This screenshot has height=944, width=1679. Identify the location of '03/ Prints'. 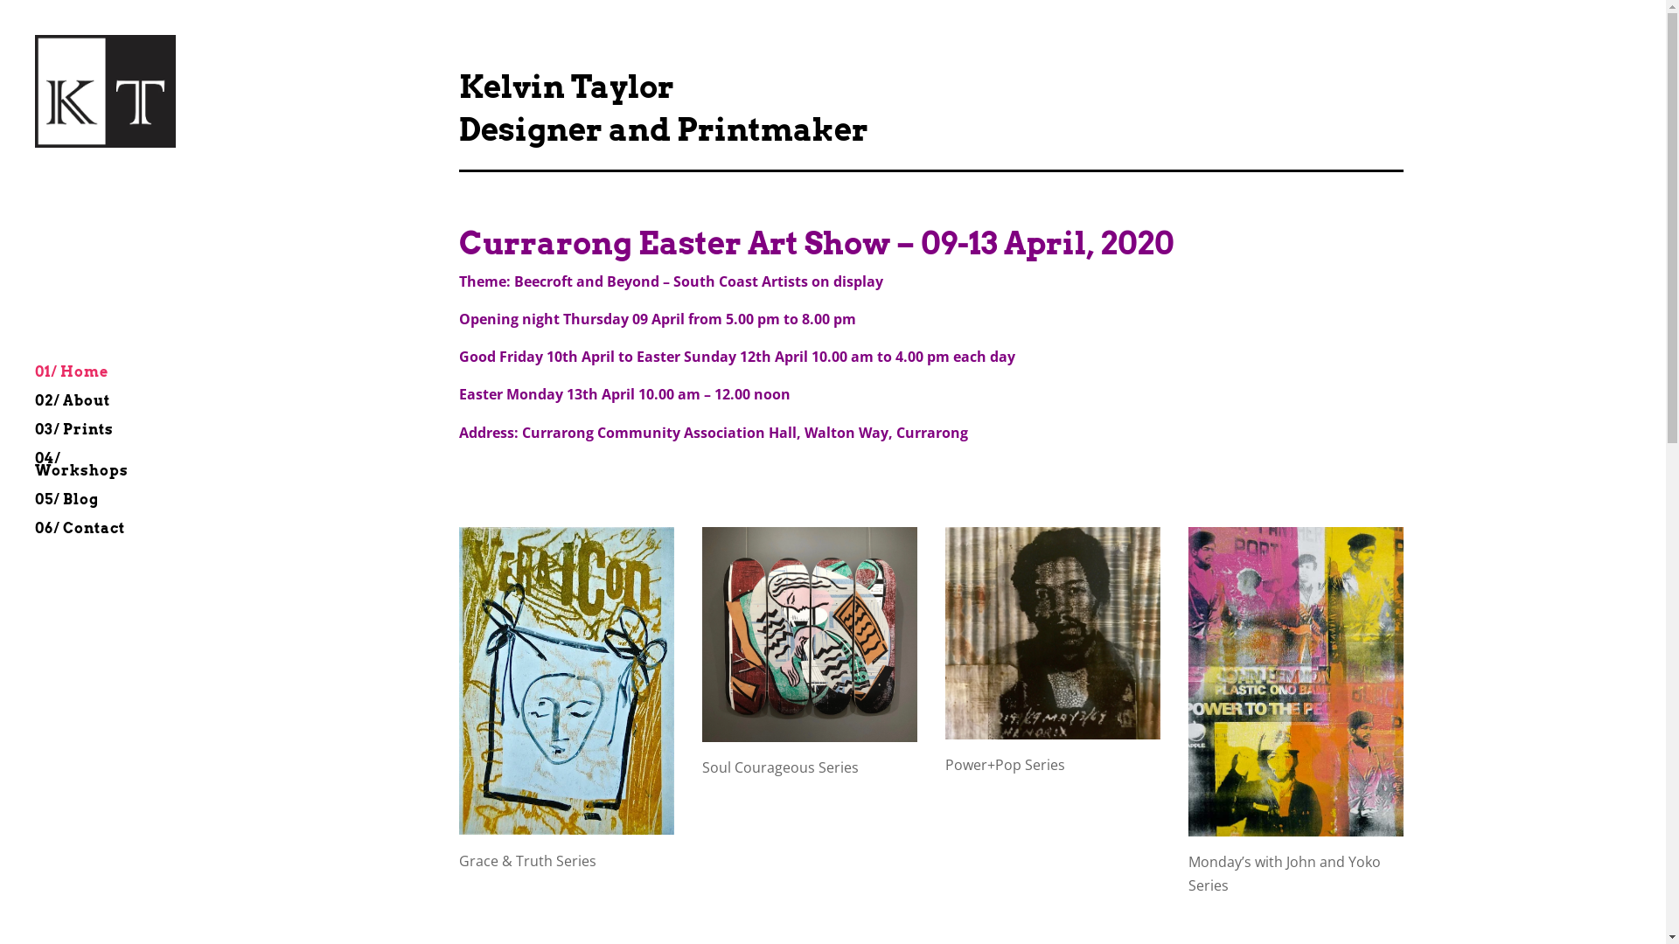
(112, 437).